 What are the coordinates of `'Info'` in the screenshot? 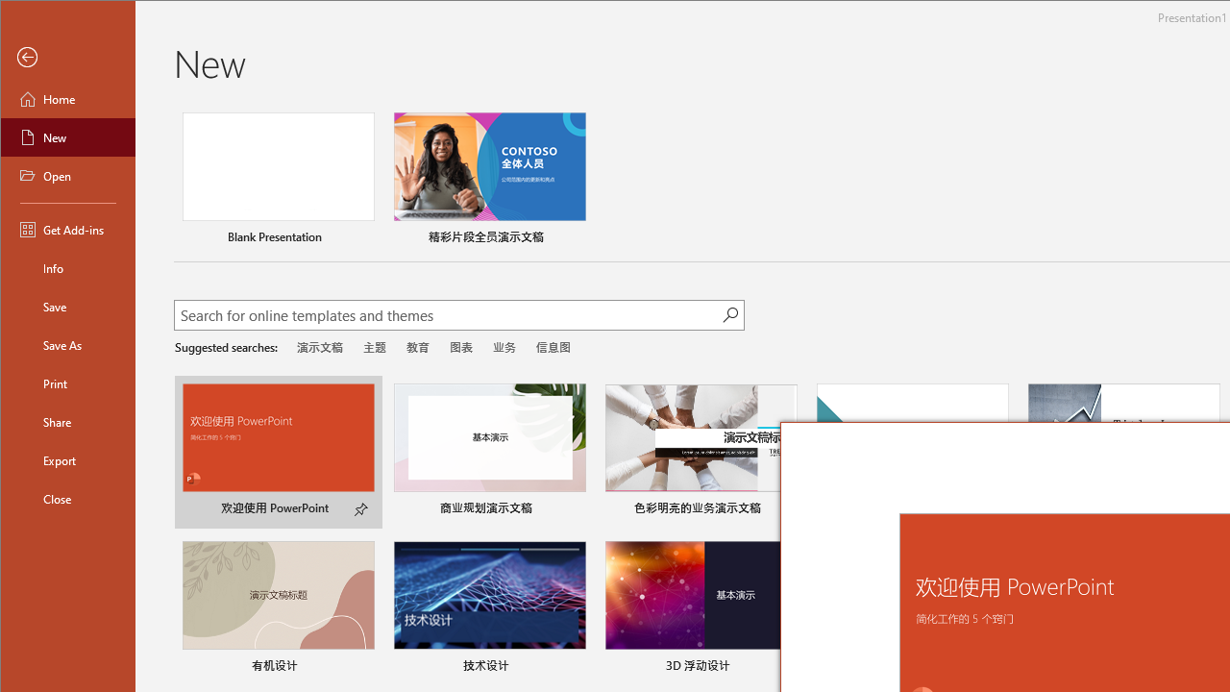 It's located at (68, 268).